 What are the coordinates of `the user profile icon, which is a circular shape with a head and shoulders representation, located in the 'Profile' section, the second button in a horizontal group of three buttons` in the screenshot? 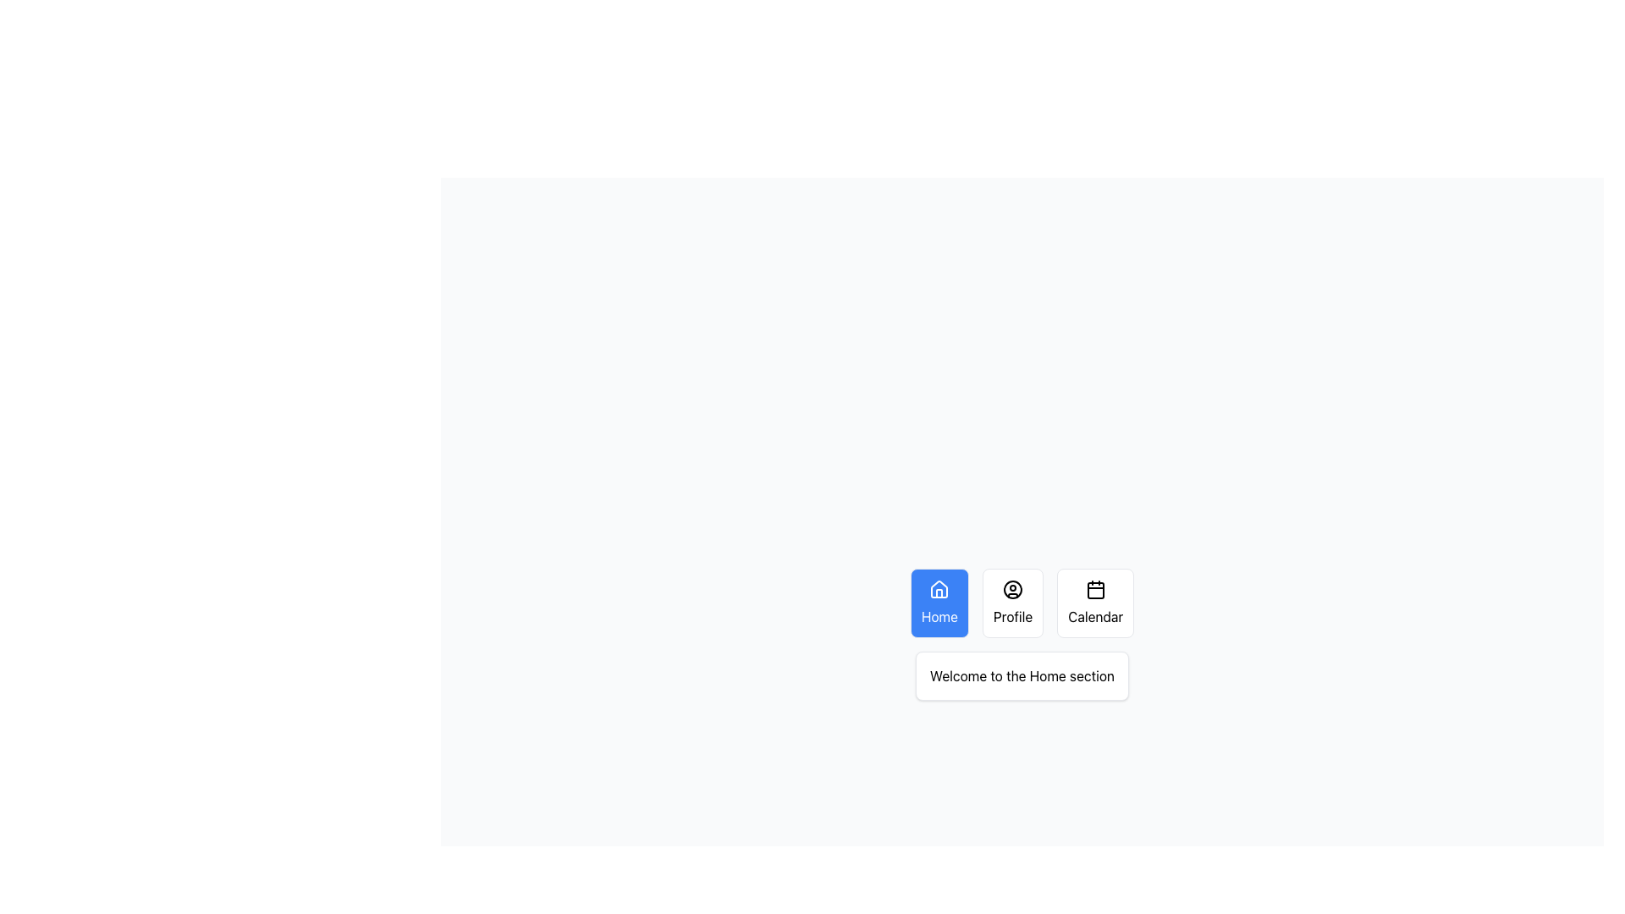 It's located at (1013, 589).